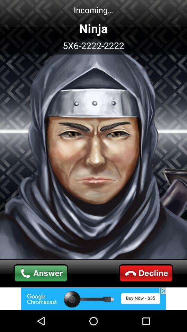 This screenshot has height=332, width=187. What do you see at coordinates (145, 273) in the screenshot?
I see `call cut the option` at bounding box center [145, 273].